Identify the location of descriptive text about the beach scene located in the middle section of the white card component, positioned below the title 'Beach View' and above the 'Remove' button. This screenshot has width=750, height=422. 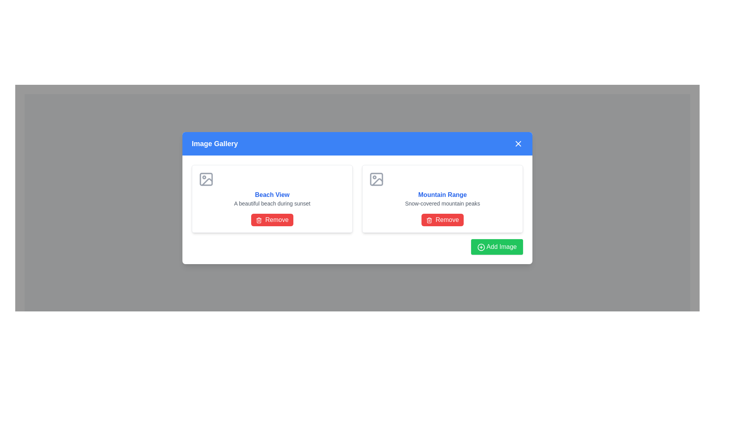
(272, 203).